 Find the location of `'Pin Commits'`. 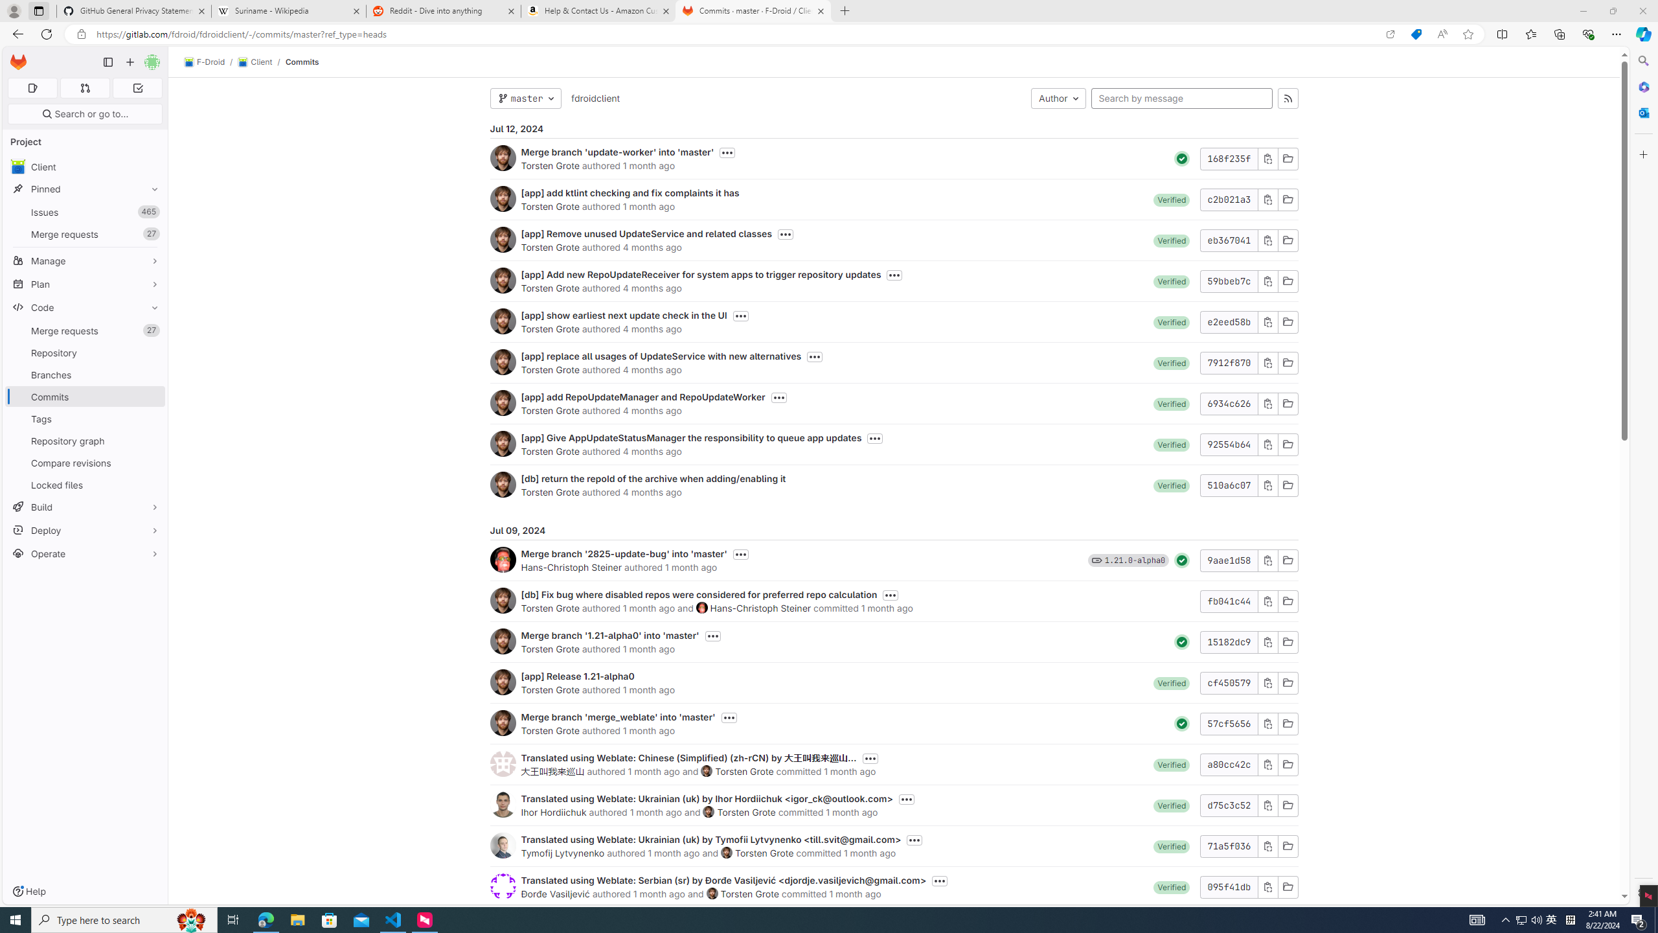

'Pin Commits' is located at coordinates (151, 397).